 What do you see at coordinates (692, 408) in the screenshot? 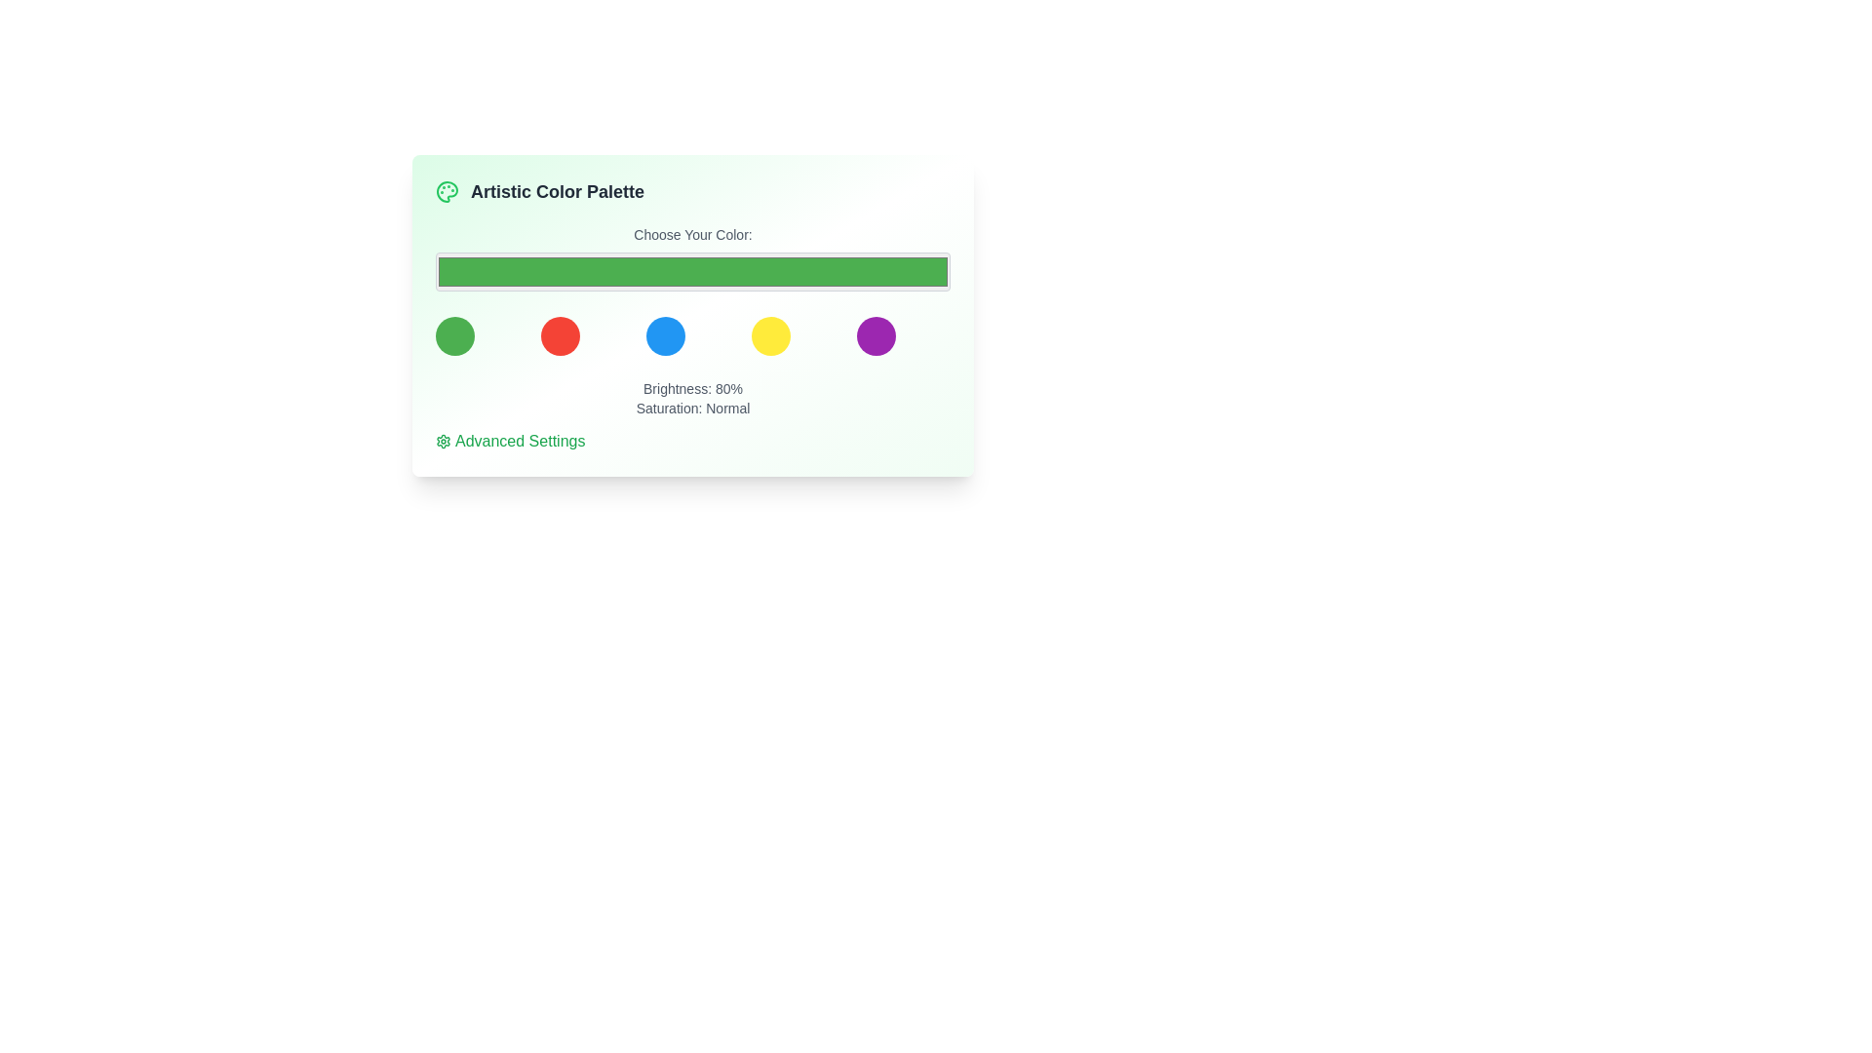
I see `the text label displaying 'Saturation: Normal' which is styled in gray and located below 'Brightness: 80%' in the artistic color palette interface` at bounding box center [692, 408].